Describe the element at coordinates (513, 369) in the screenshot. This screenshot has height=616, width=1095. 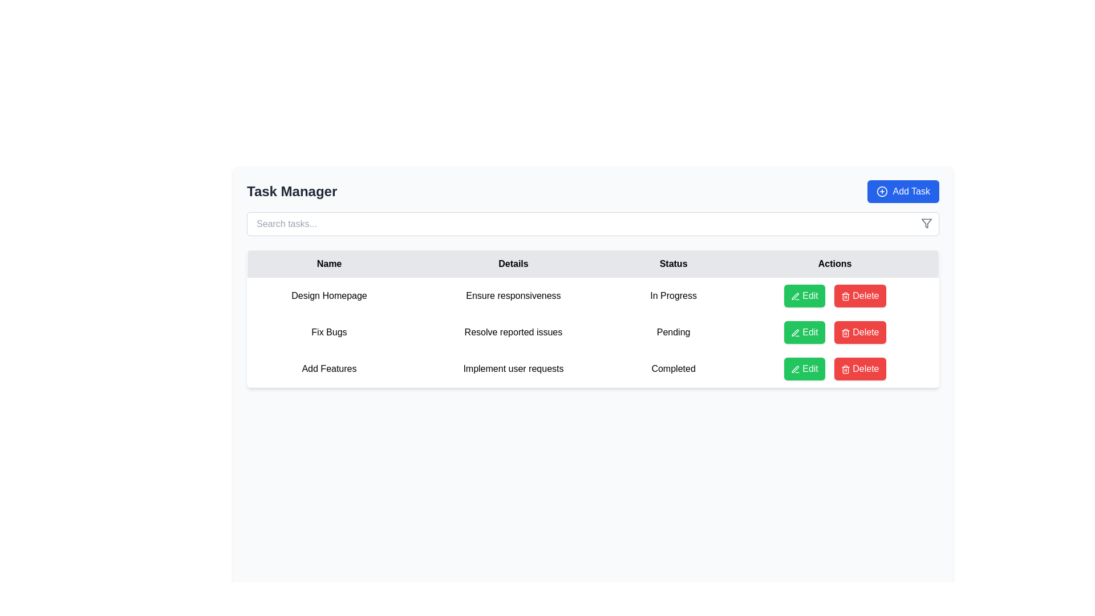
I see `the informational Text label that provides context for the task 'Add Features' in the 'Details' column of the table` at that location.